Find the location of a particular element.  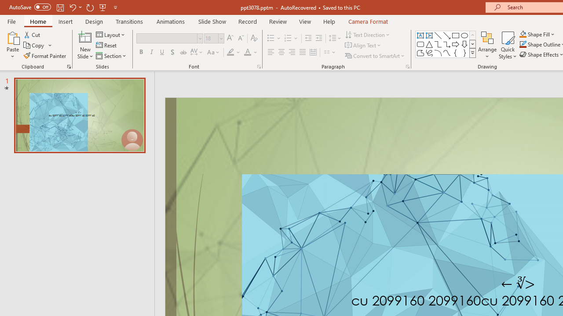

'Shapes' is located at coordinates (472, 53).